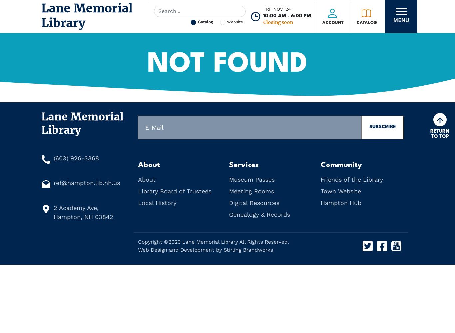 This screenshot has height=333, width=455. I want to click on '(603) 926-3368', so click(53, 158).